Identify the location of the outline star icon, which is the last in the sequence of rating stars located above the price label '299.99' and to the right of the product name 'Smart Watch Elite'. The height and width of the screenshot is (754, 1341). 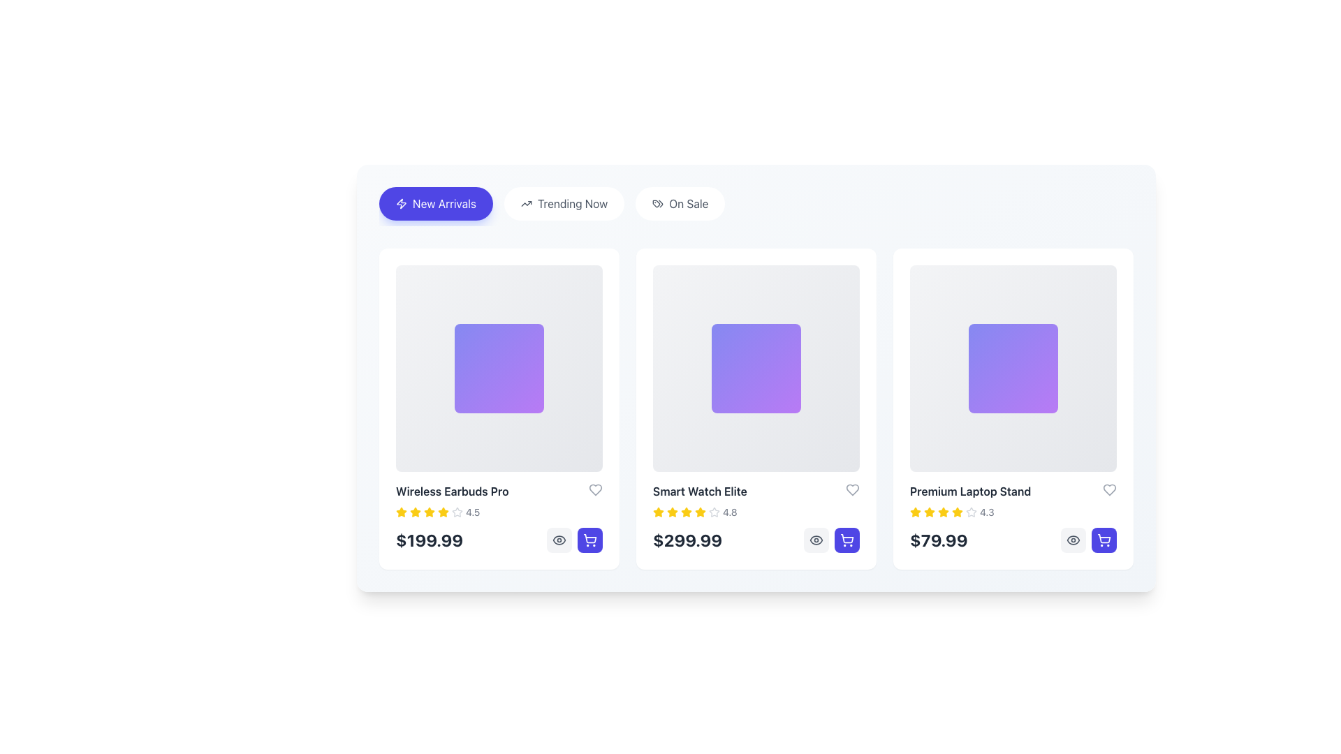
(714, 512).